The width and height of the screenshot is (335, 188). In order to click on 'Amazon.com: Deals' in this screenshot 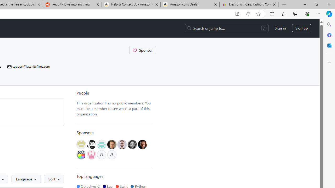, I will do `click(190, 4)`.